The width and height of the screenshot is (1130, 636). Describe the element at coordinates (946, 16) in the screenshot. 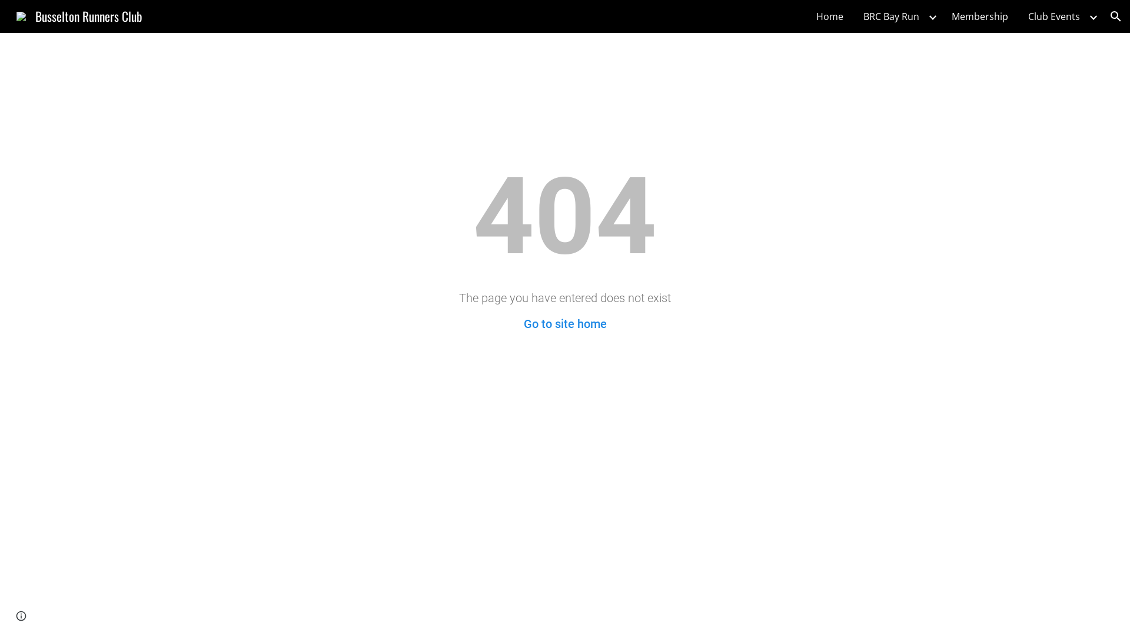

I see `'Membership'` at that location.